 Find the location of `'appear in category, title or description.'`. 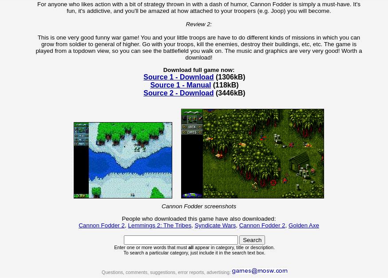

'appear in category, title or description.' is located at coordinates (234, 247).